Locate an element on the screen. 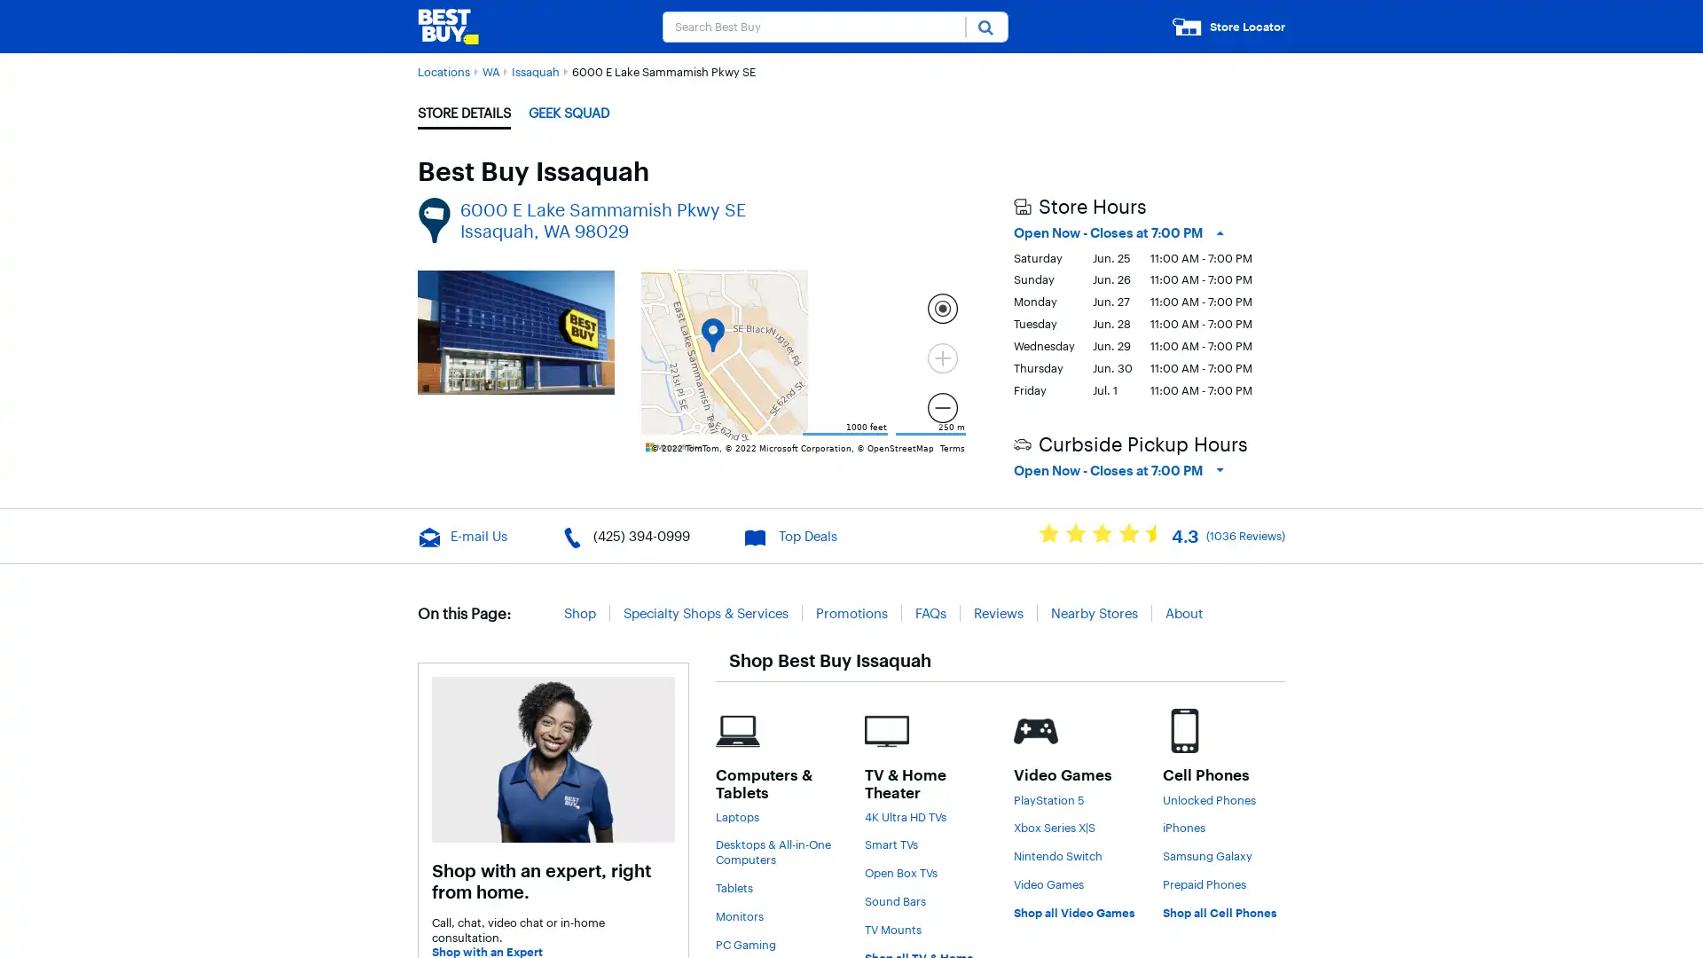  Current Level 15, Zoom In Zoom in Disabled is located at coordinates (941, 357).